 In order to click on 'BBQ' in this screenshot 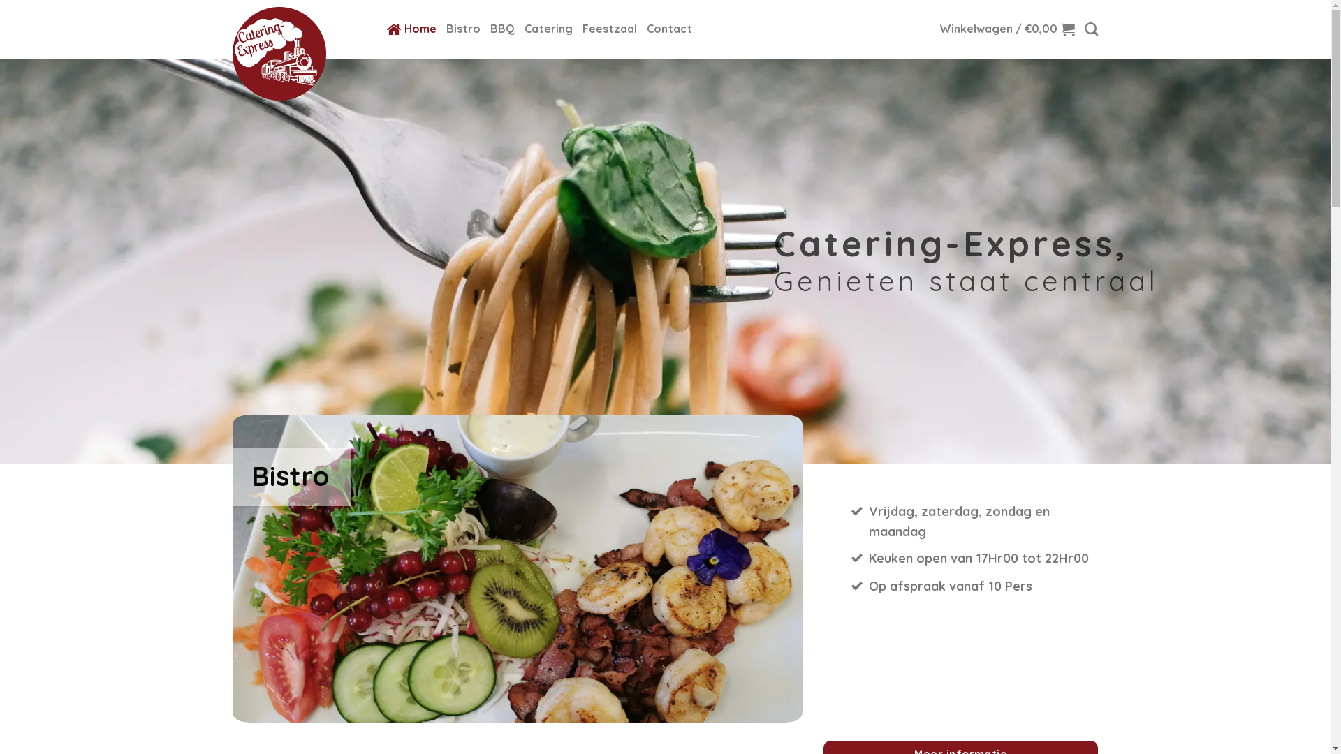, I will do `click(502, 29)`.